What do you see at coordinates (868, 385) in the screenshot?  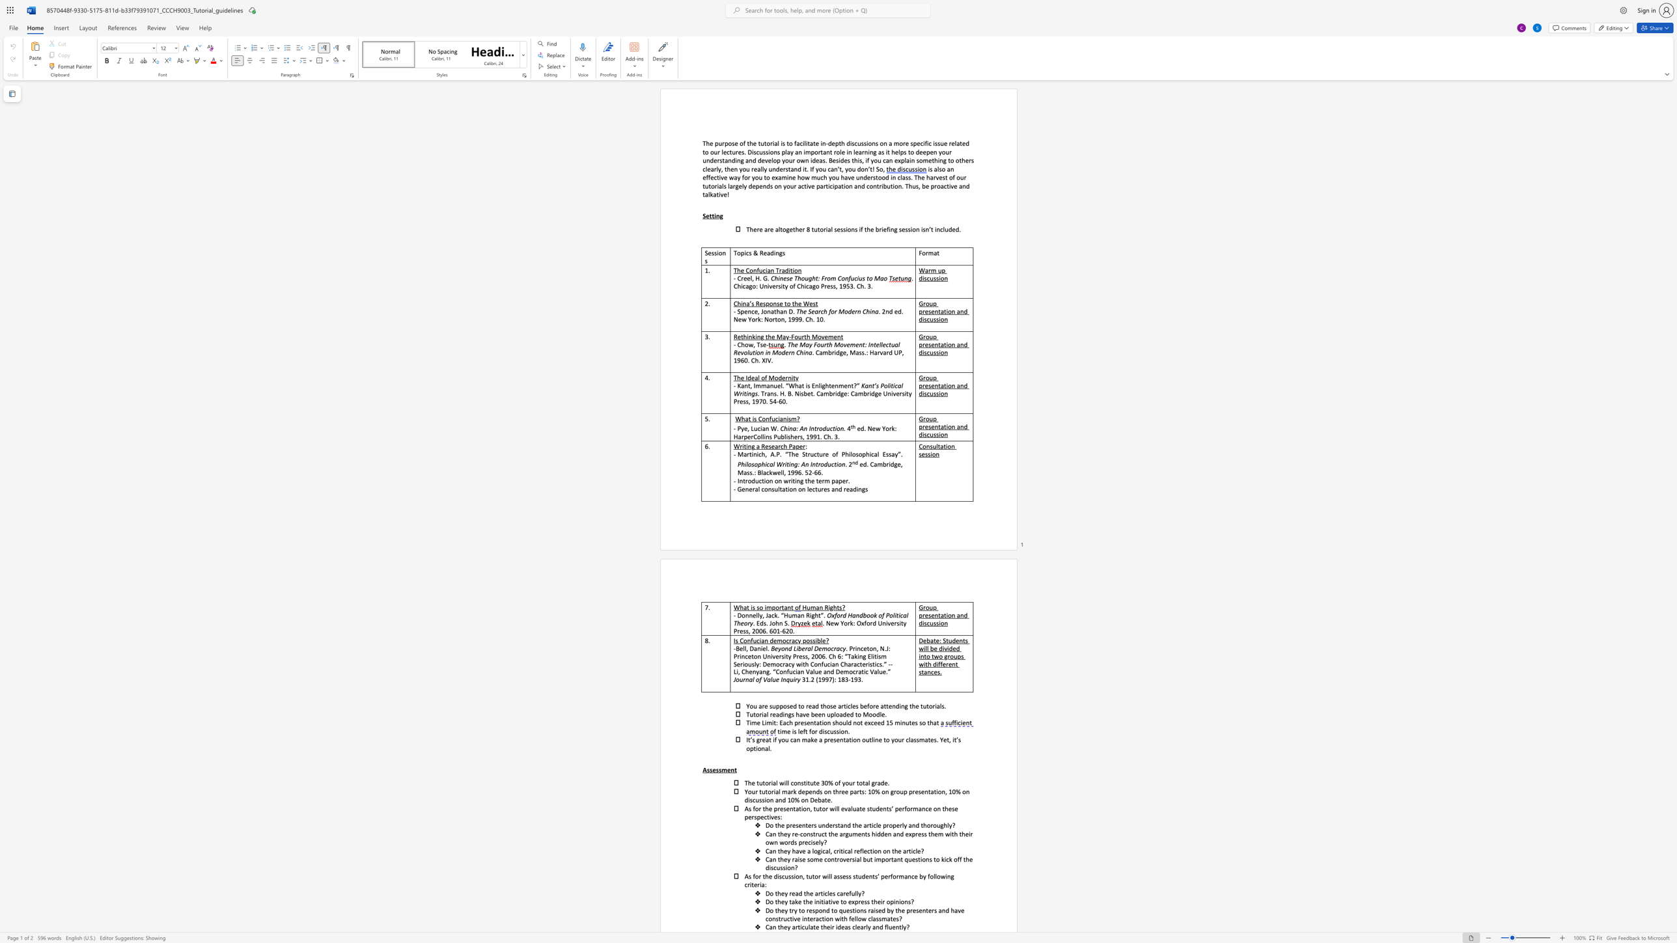 I see `the subset text "nt’s Pol" within the text "Kant’s Political Writings"` at bounding box center [868, 385].